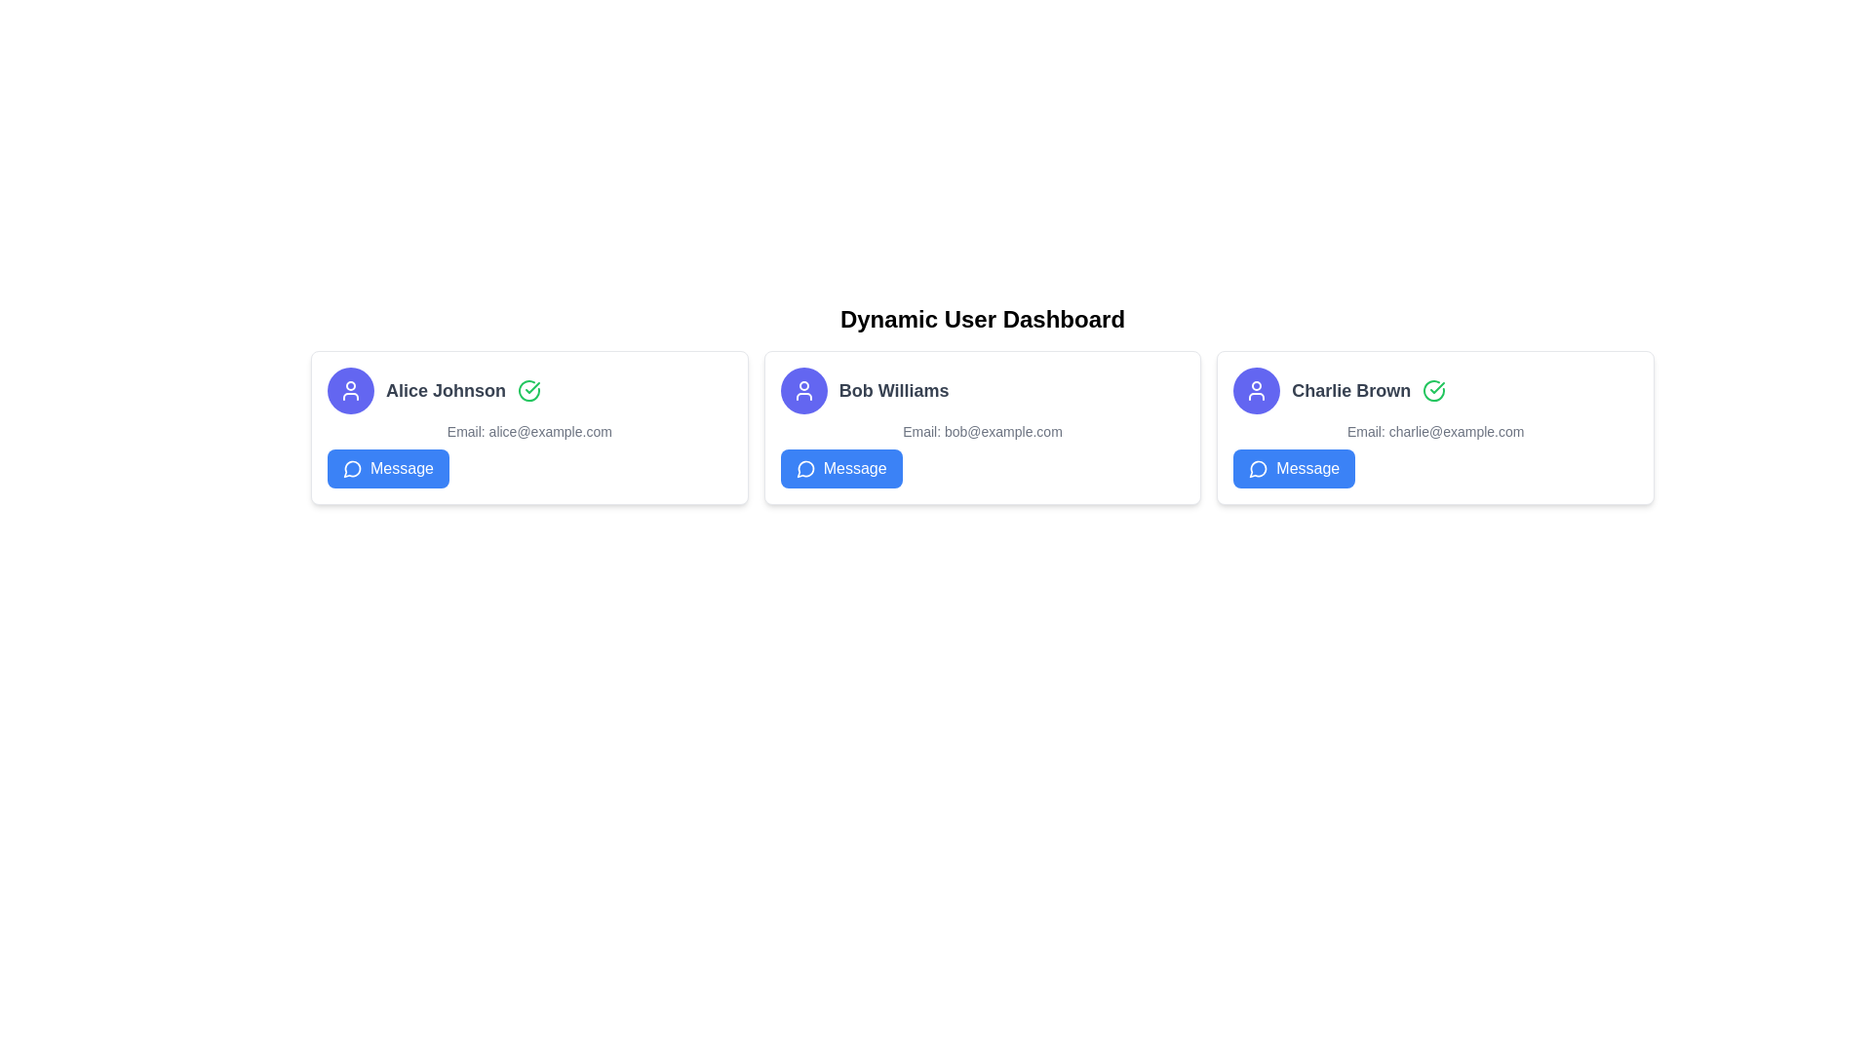  I want to click on the user profile summary element representing 'Charlie Brown', so click(1435, 391).